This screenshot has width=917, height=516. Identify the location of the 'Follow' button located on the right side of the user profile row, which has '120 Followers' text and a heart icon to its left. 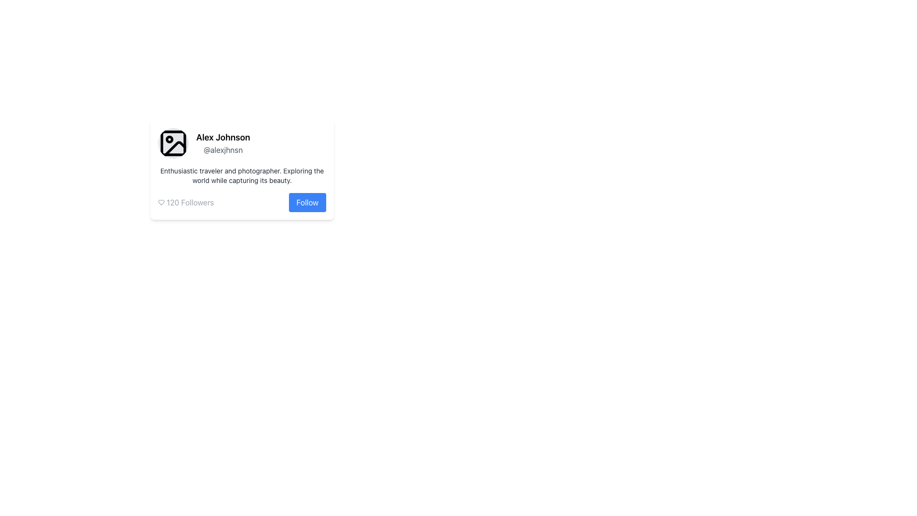
(307, 202).